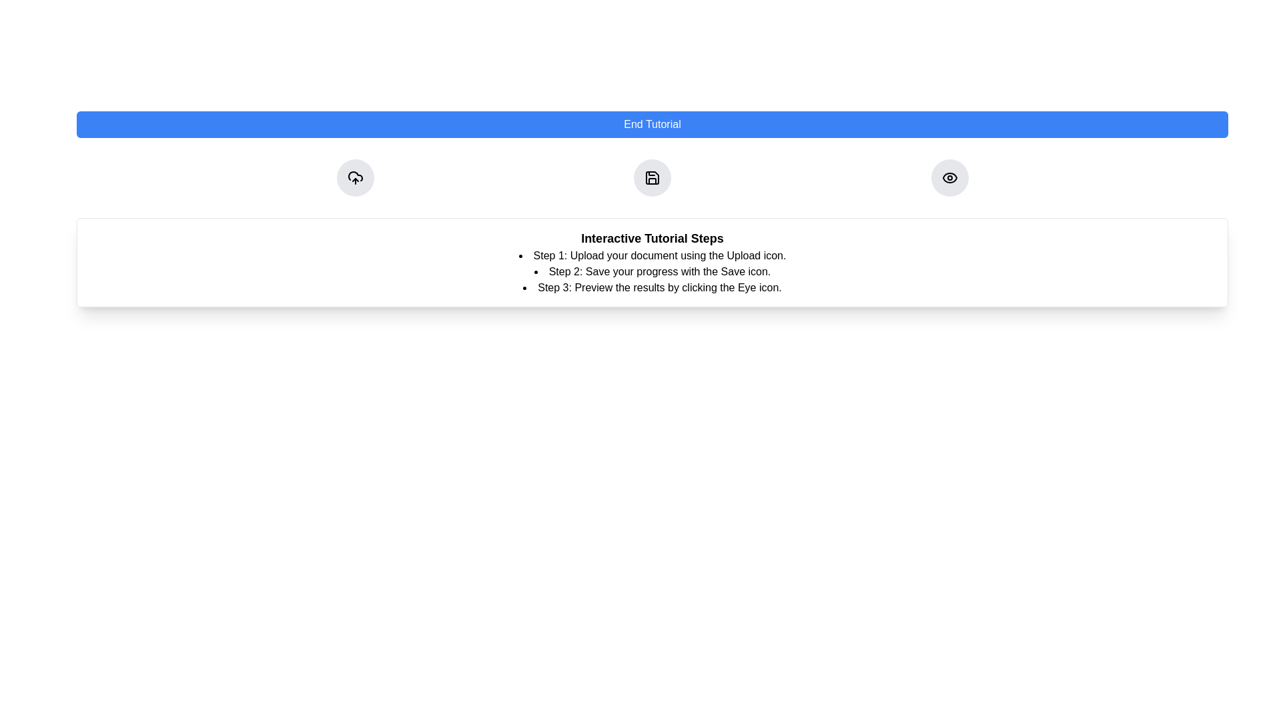 This screenshot has height=720, width=1281. Describe the element at coordinates (653, 177) in the screenshot. I see `the floppy disk icon button, which is the rightmost circular button in a row of three` at that location.